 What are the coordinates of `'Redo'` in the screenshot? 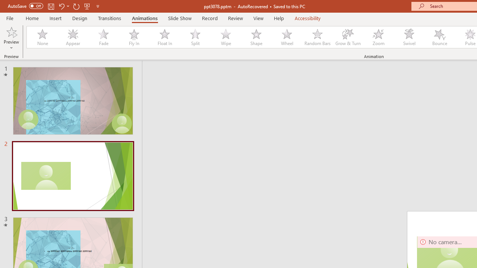 It's located at (76, 6).